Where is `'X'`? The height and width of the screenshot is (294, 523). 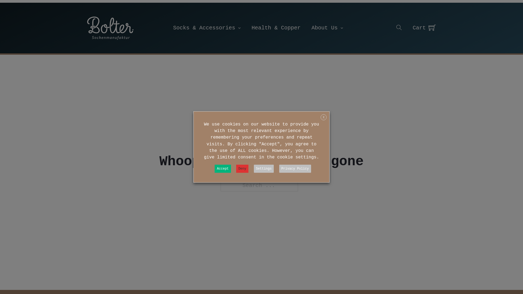
'X' is located at coordinates (324, 117).